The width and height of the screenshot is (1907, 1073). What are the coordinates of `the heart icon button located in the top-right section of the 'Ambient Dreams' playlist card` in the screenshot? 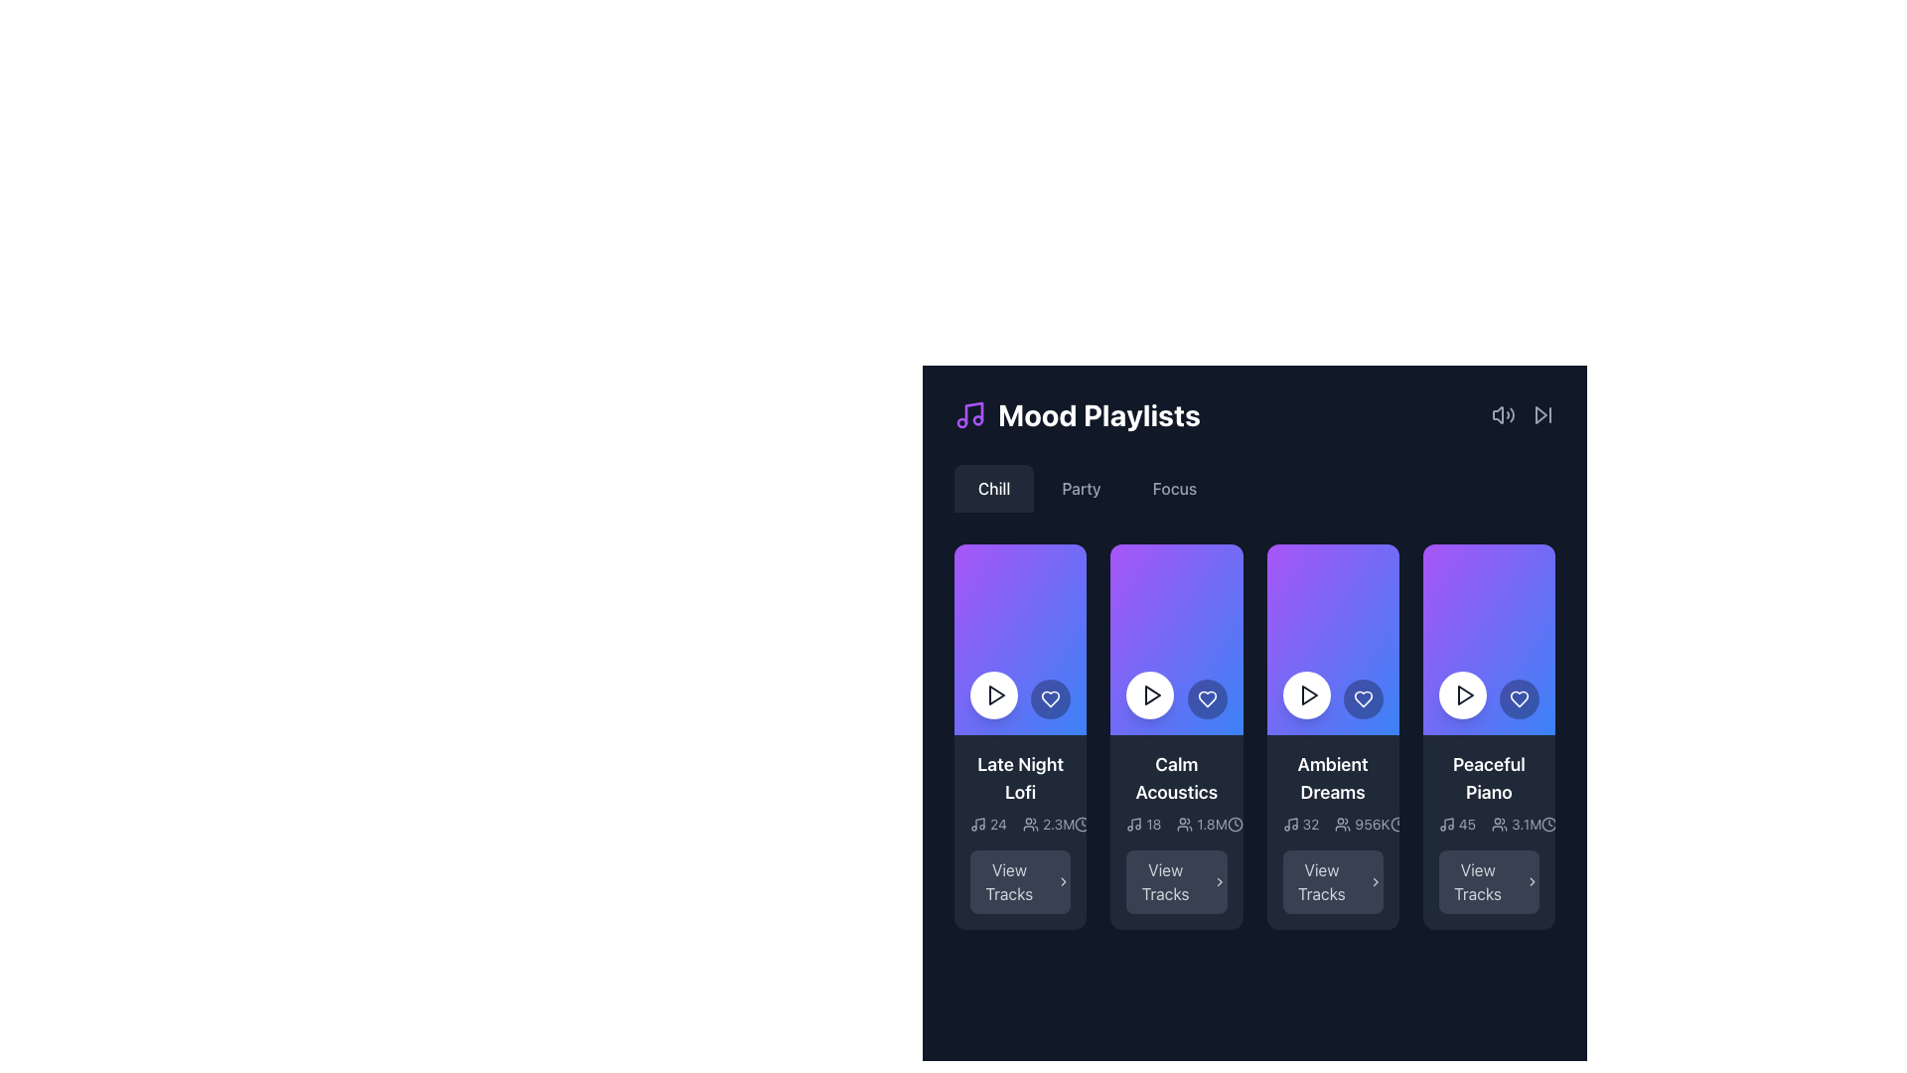 It's located at (1362, 698).